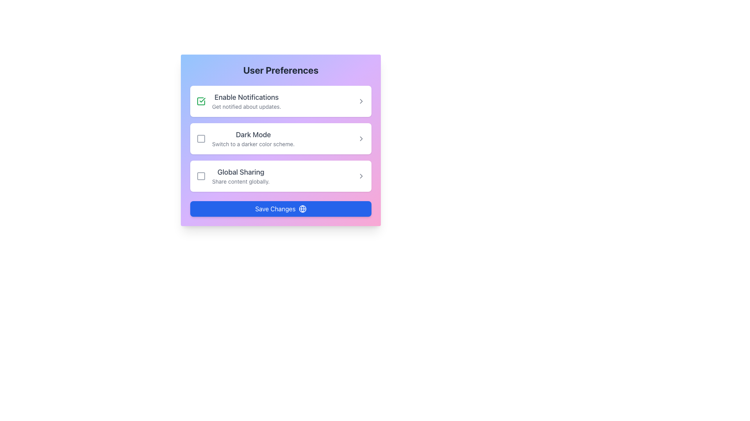 This screenshot has height=421, width=750. I want to click on the icon located, so click(361, 101).